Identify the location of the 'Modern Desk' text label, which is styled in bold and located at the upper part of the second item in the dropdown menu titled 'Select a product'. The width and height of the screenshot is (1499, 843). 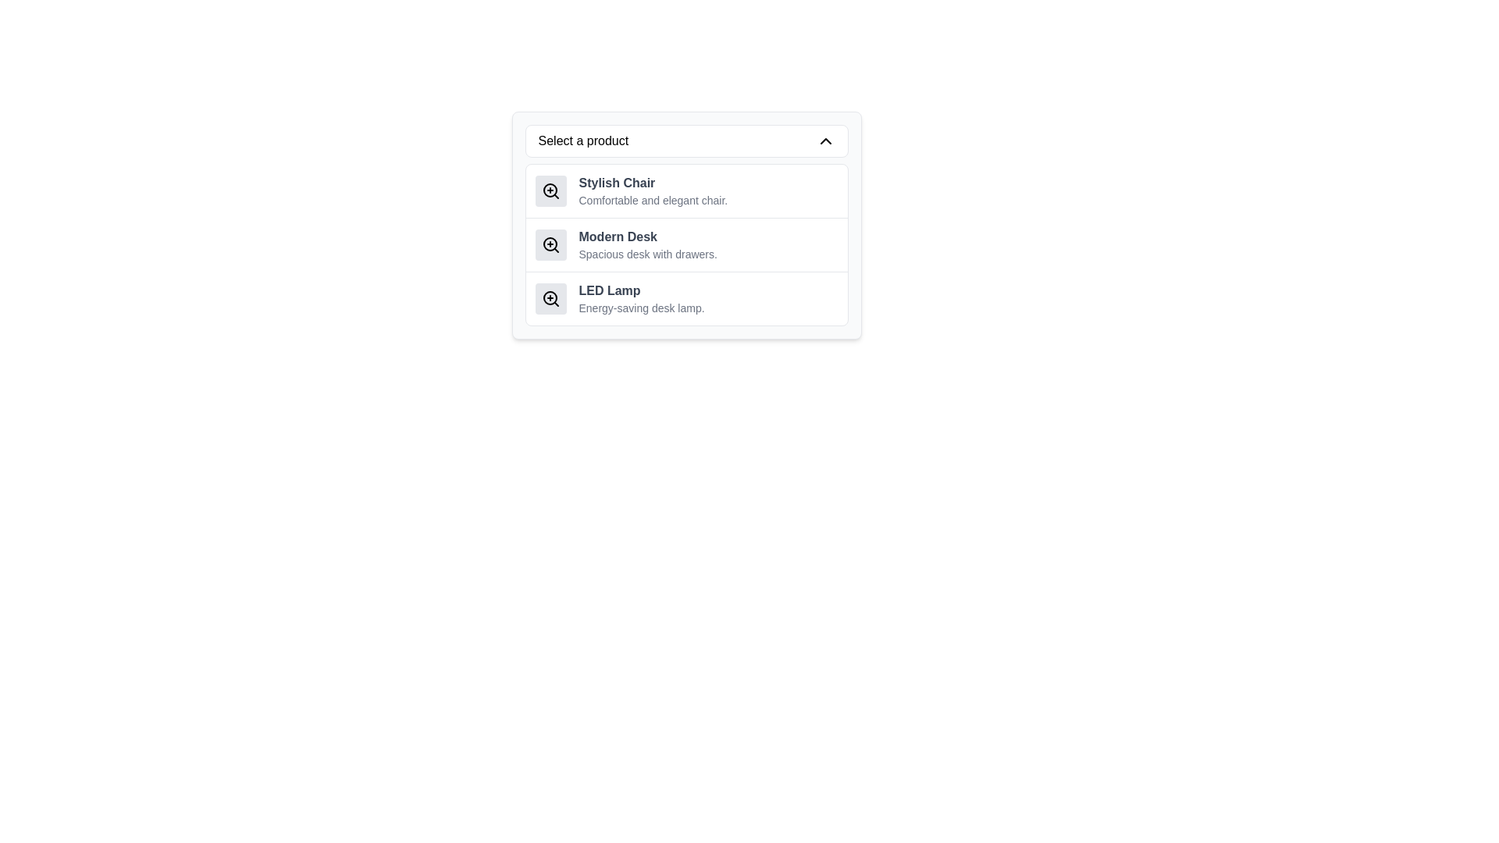
(648, 237).